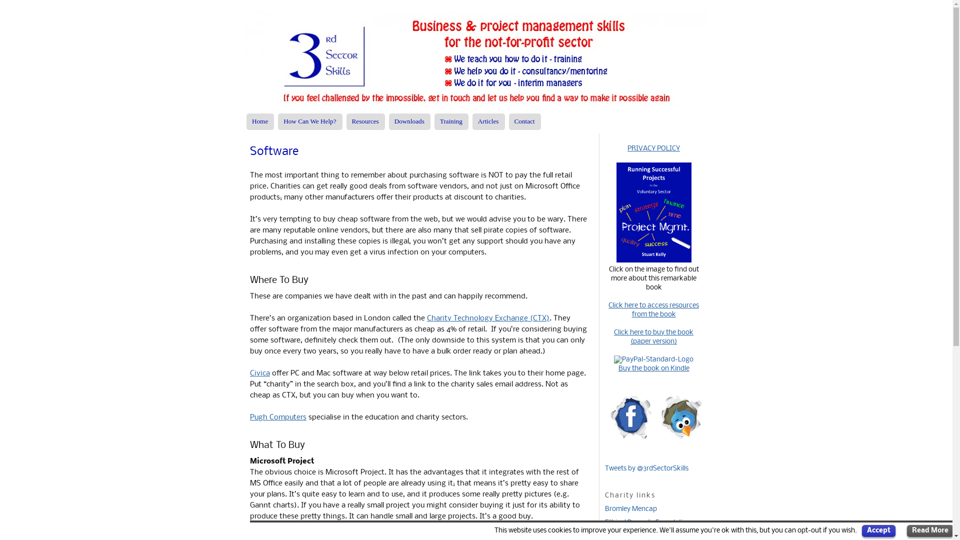 The image size is (960, 540). Describe the element at coordinates (653, 309) in the screenshot. I see `'Click here to access resources from the book'` at that location.